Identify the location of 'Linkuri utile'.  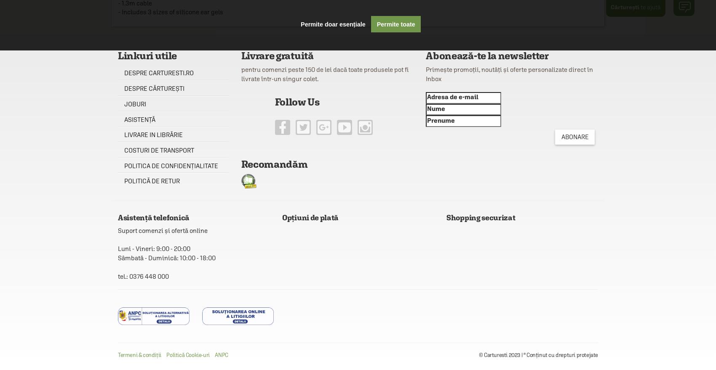
(147, 55).